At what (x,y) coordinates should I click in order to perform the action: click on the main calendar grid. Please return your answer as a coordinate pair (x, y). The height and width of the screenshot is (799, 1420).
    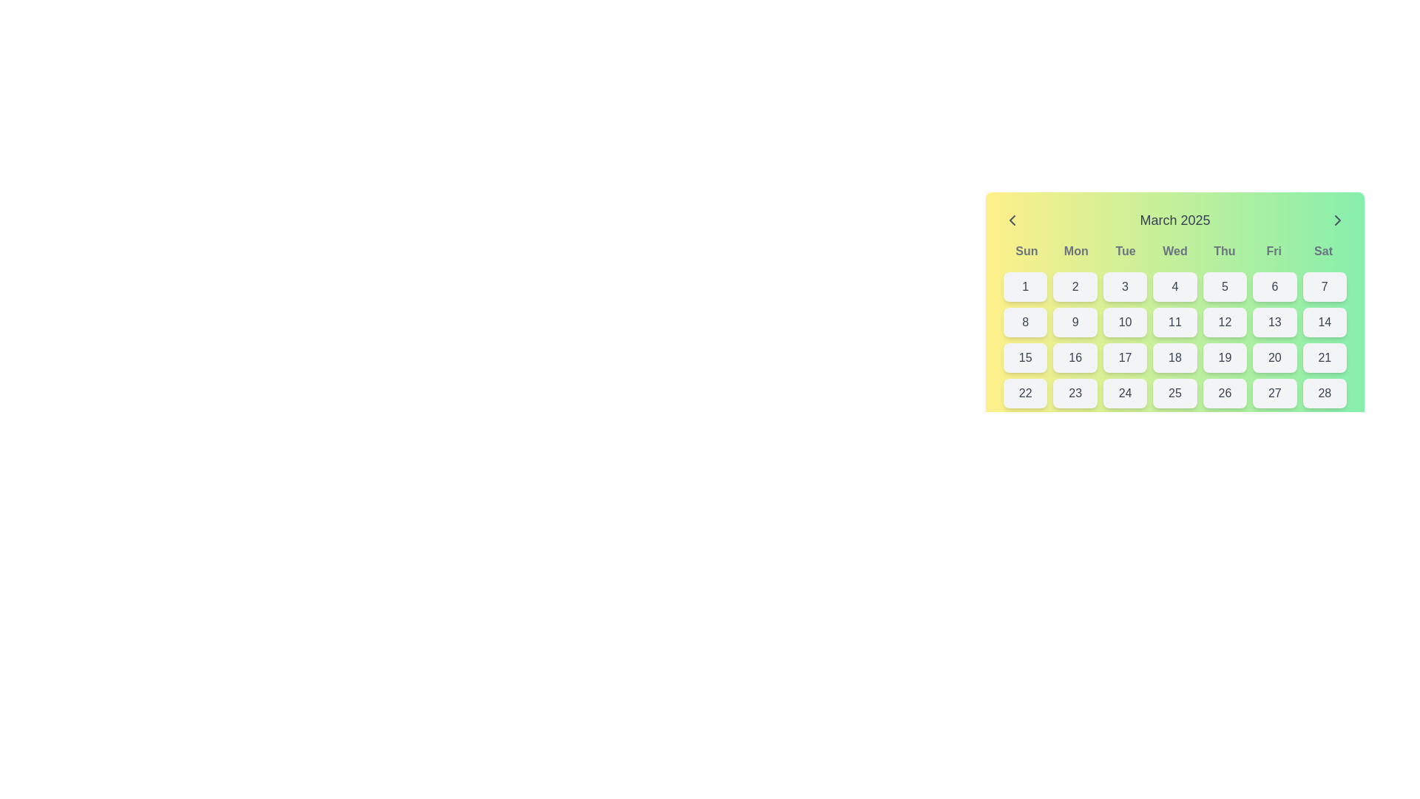
    Looking at the image, I should click on (1174, 357).